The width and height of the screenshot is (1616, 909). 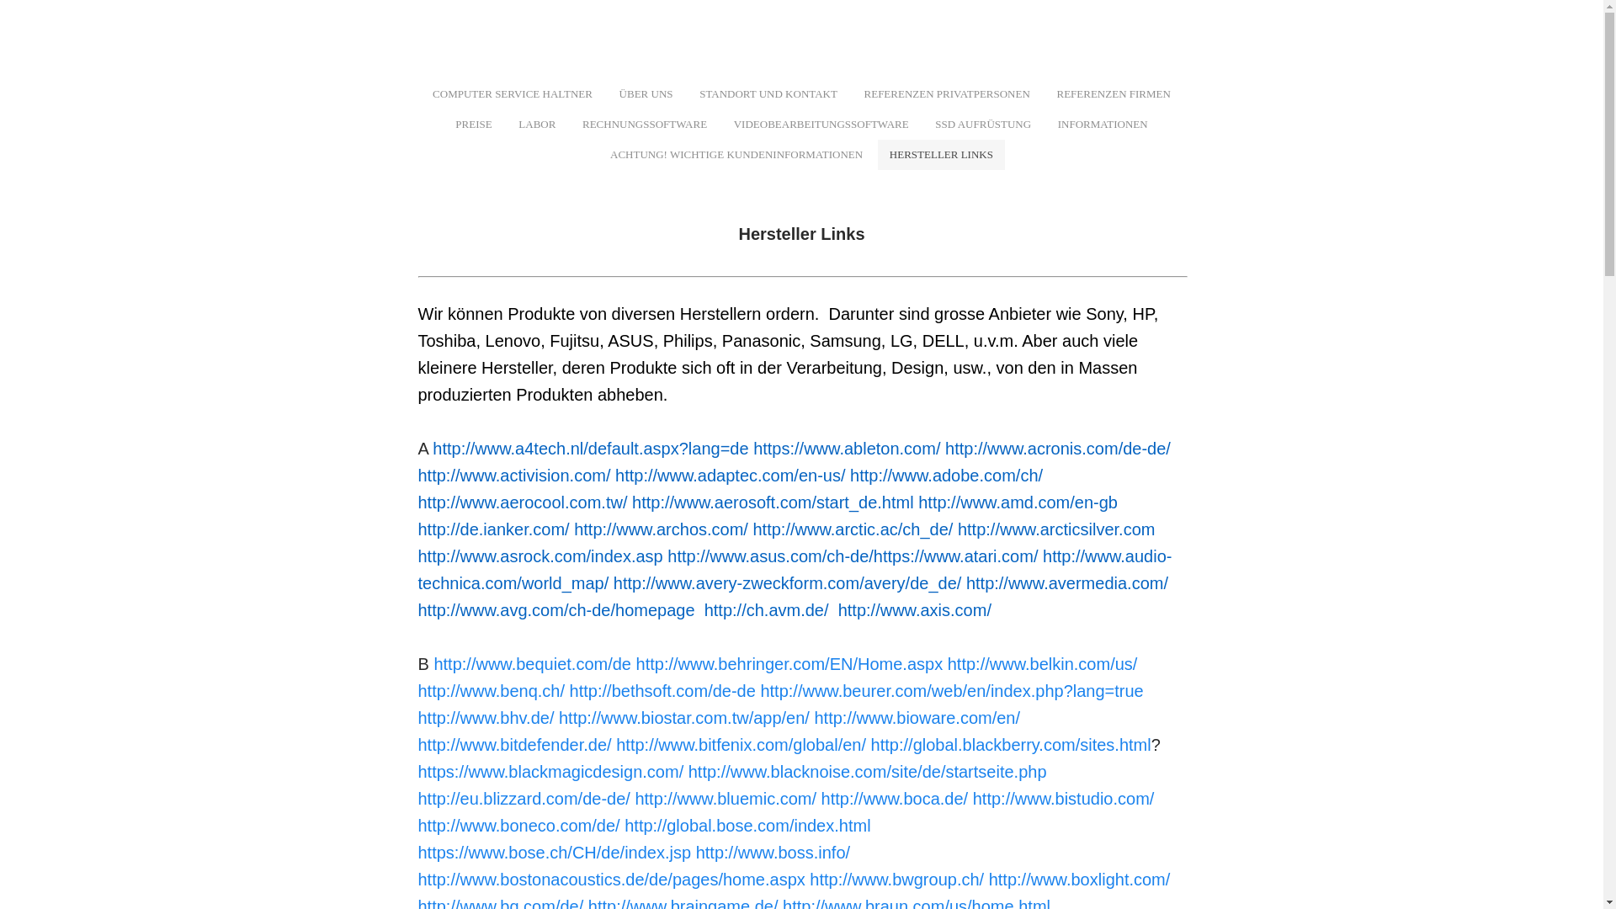 I want to click on 'http://www.amd.com/en-gb', so click(x=917, y=502).